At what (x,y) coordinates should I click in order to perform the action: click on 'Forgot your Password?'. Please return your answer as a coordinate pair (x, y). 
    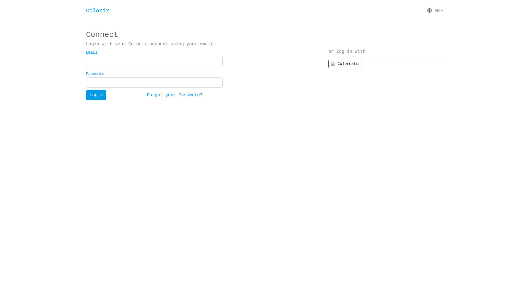
    Looking at the image, I should click on (174, 95).